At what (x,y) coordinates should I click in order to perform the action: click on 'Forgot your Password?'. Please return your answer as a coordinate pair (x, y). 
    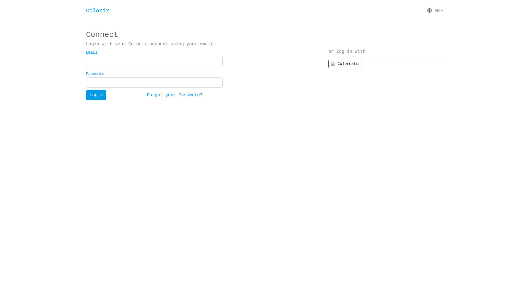
    Looking at the image, I should click on (174, 95).